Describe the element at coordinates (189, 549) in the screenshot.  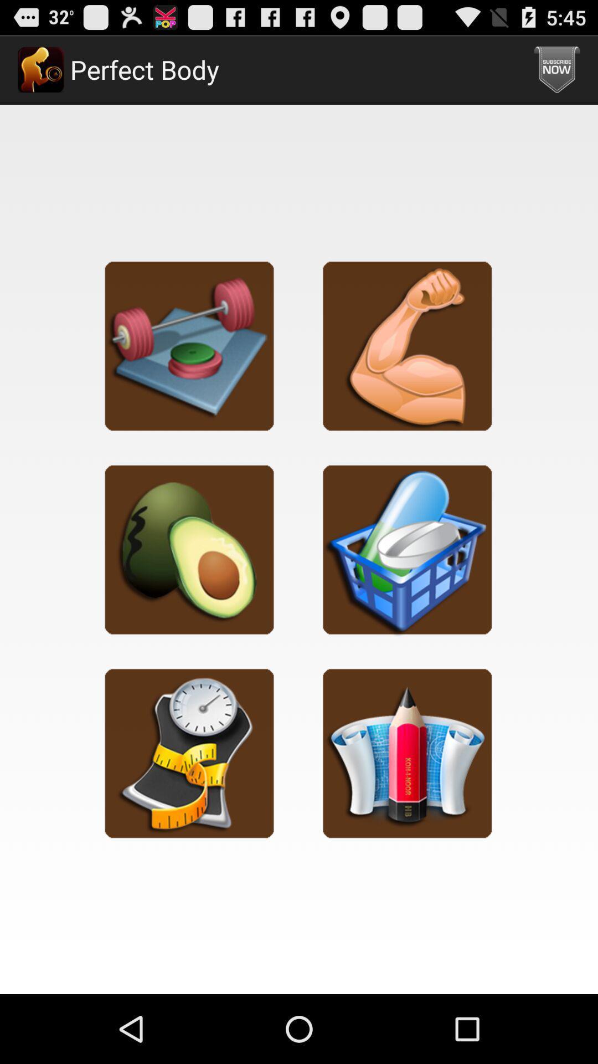
I see `nutrition` at that location.